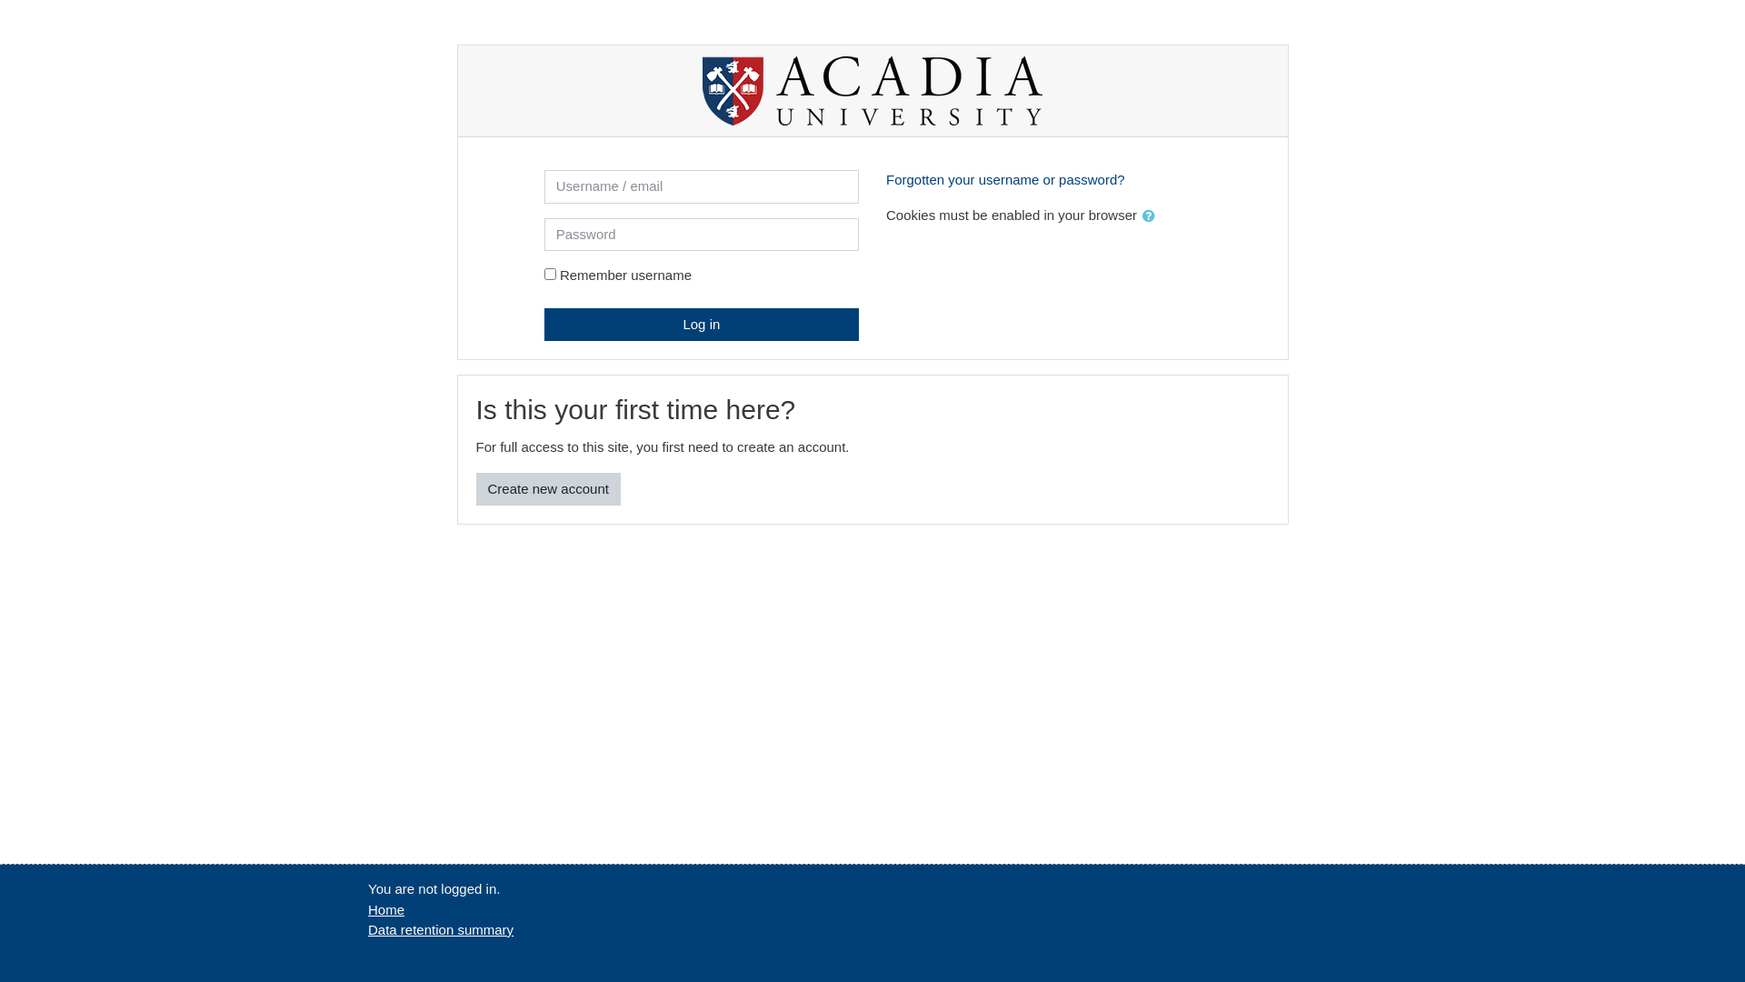 The width and height of the screenshot is (1745, 982). I want to click on 'Help with Cookies must be enabled in your browser', so click(1147, 213).